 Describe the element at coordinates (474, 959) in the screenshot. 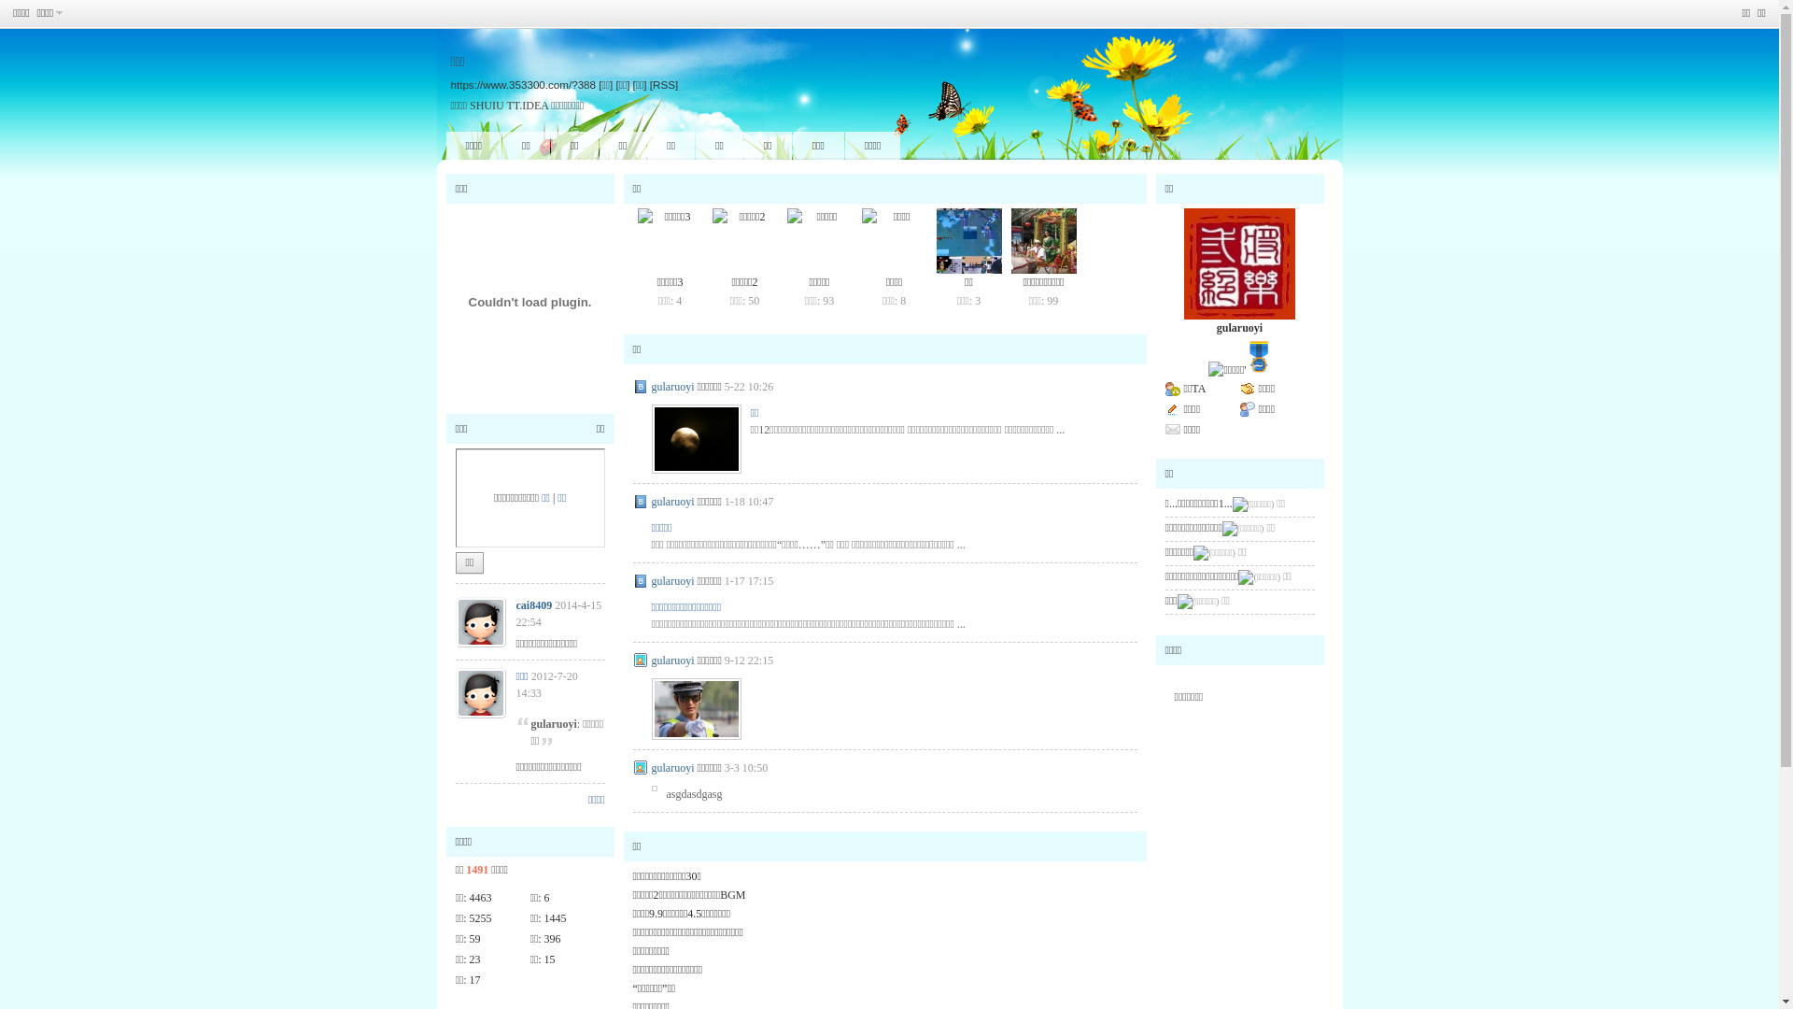

I see `'23'` at that location.